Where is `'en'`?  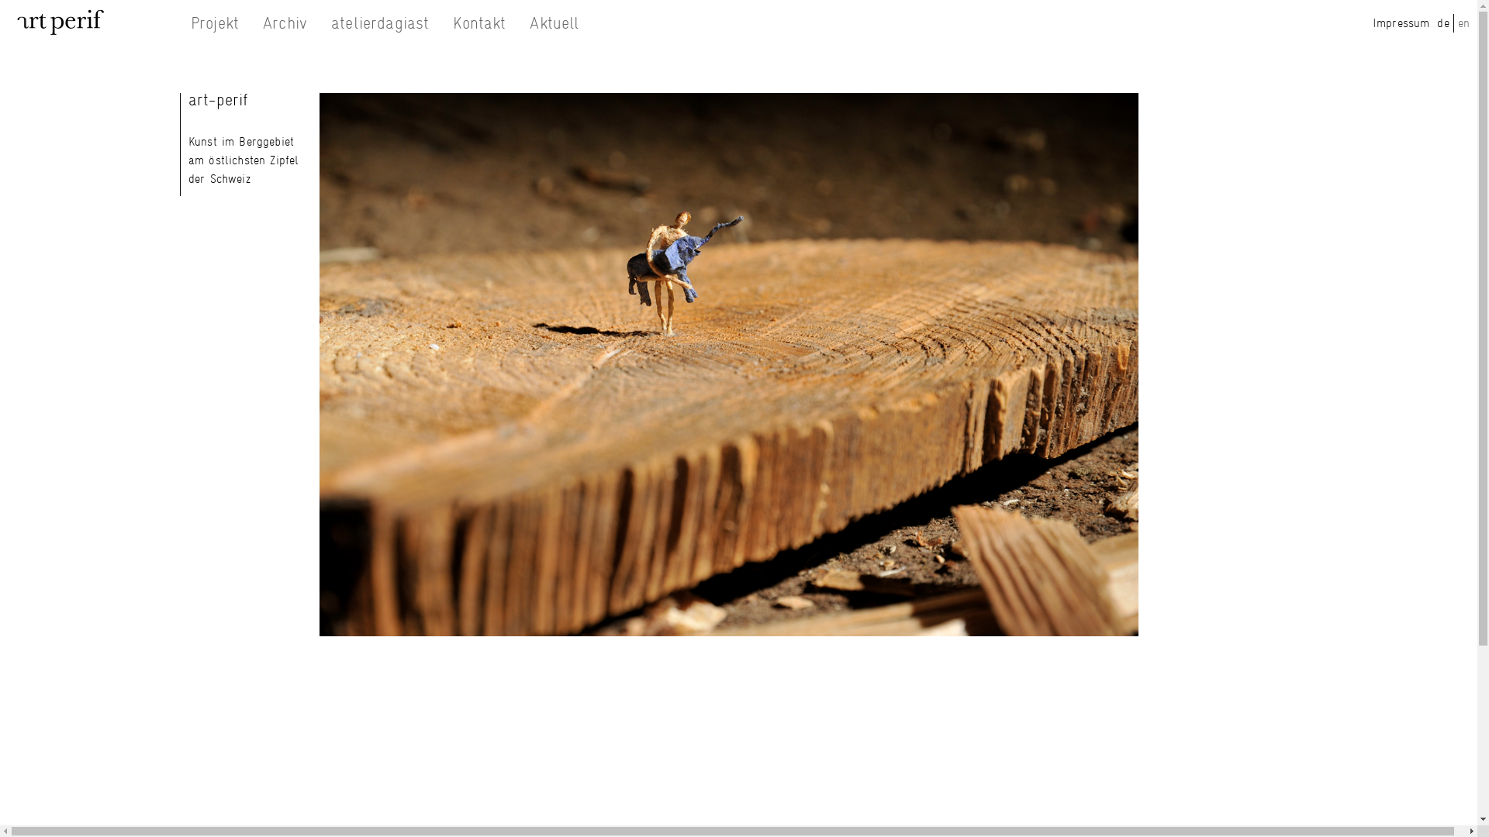
'en' is located at coordinates (1463, 22).